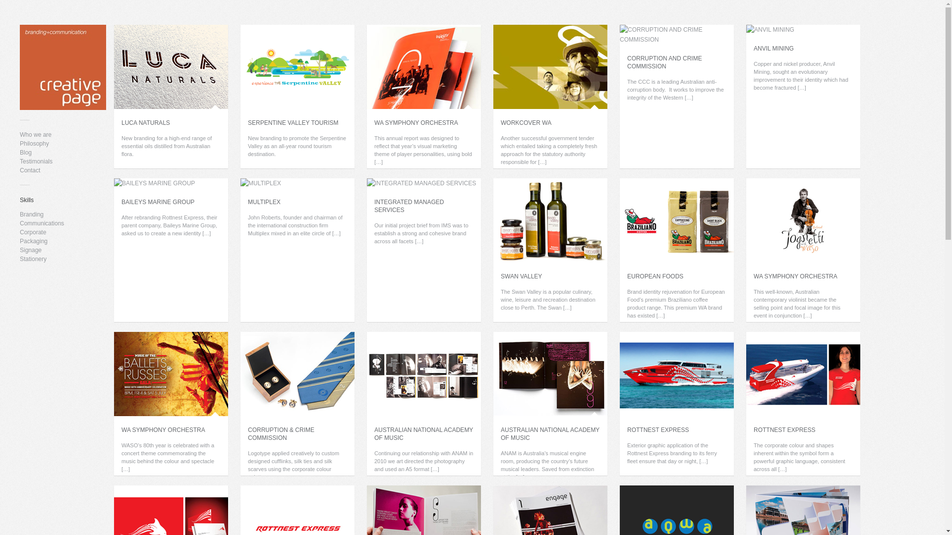 This screenshot has width=952, height=535. I want to click on 'Who we are', so click(36, 135).